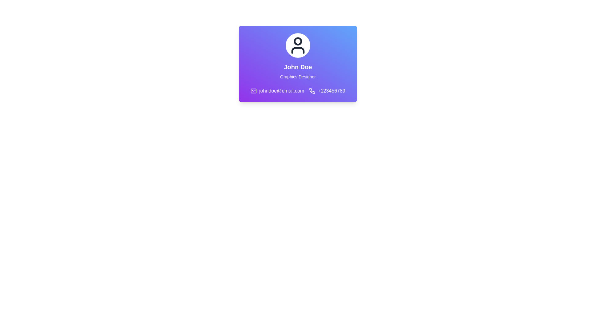 This screenshot has height=332, width=591. Describe the element at coordinates (312, 91) in the screenshot. I see `the icon representing the phone number, which is positioned to the immediate left of the contact number '+123456789'` at that location.